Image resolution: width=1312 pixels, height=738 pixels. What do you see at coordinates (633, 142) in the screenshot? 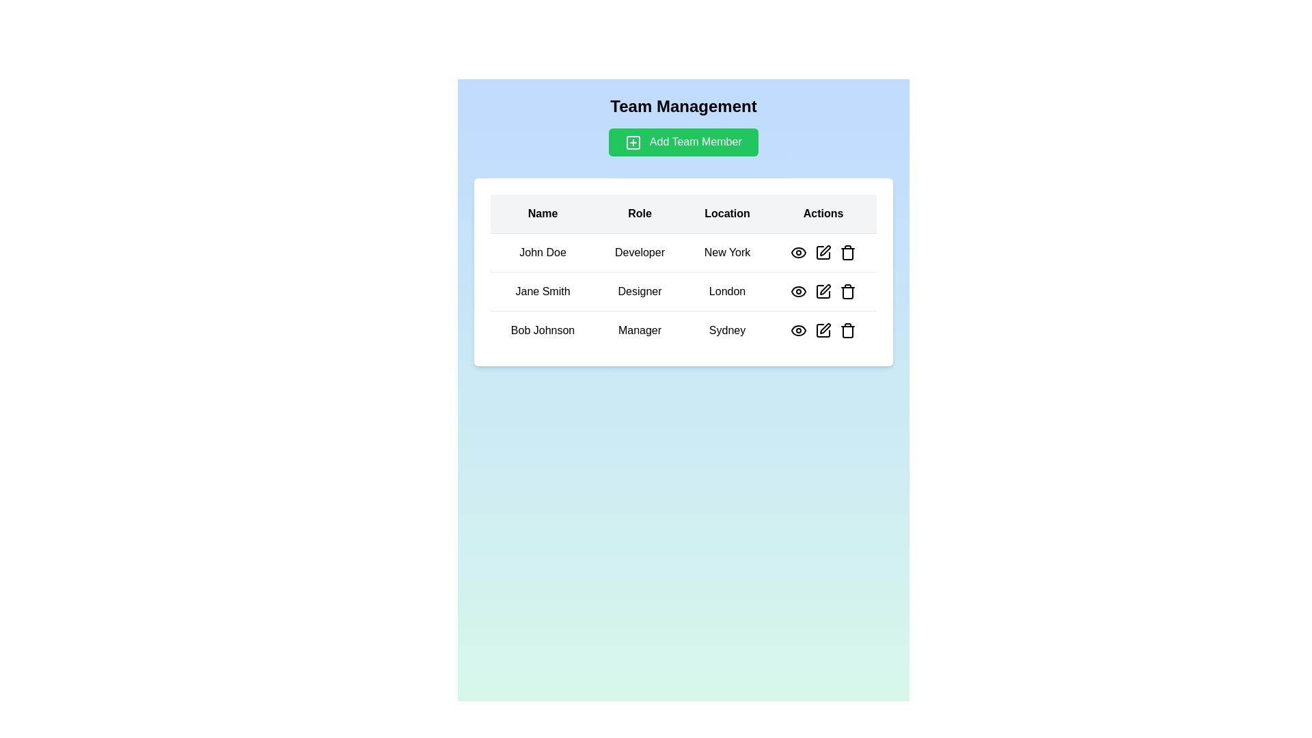
I see `the aesthetic state of the green plus icon within the 'Add Team Member' button, which is located below the 'Team Management' title` at bounding box center [633, 142].